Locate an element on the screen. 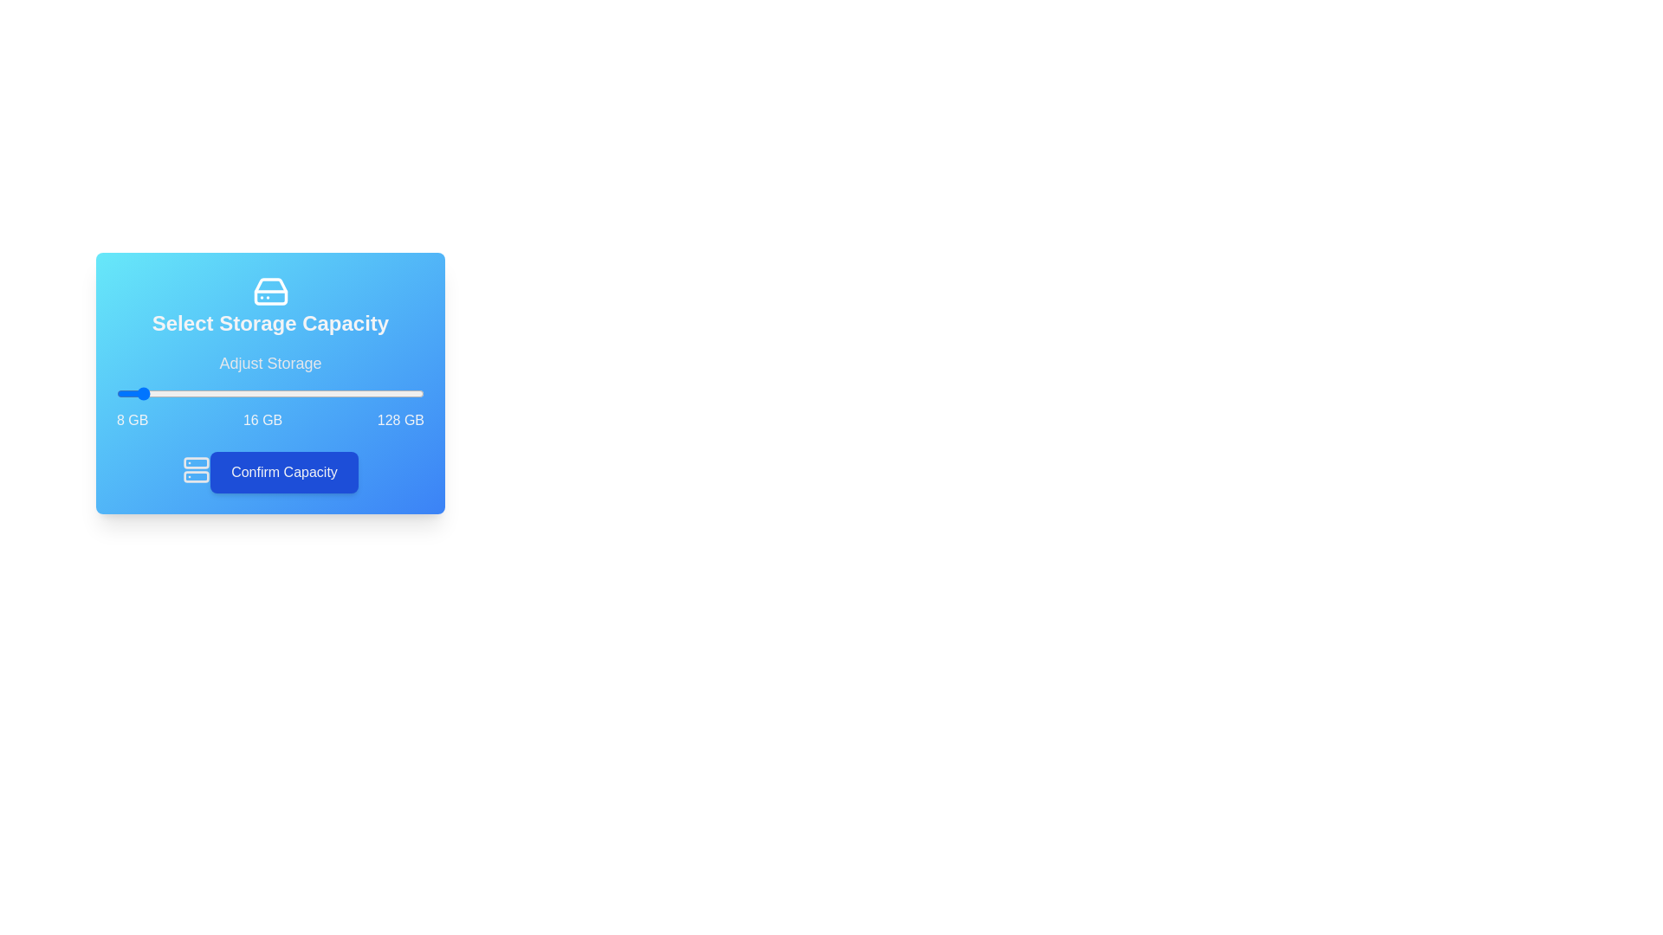 The image size is (1663, 935). the storage slider to set the capacity to 103 GB is located at coordinates (359, 394).